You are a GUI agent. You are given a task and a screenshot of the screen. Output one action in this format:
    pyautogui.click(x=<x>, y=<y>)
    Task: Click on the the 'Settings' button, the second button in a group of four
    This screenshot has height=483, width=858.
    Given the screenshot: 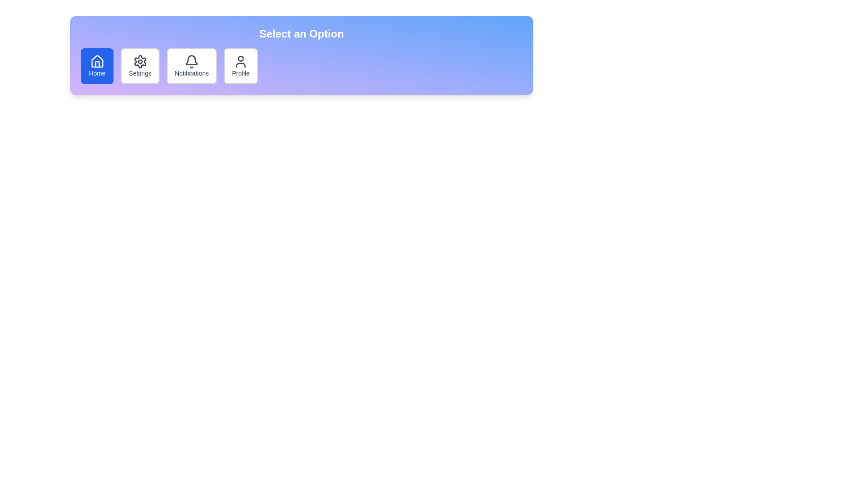 What is the action you would take?
    pyautogui.click(x=139, y=65)
    